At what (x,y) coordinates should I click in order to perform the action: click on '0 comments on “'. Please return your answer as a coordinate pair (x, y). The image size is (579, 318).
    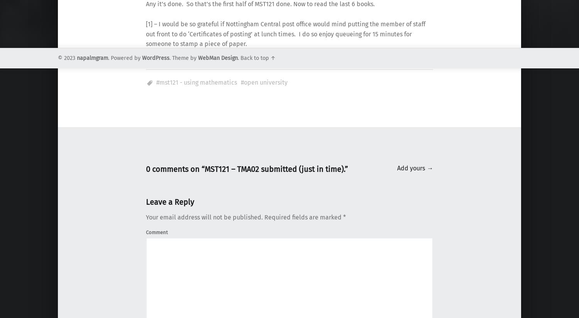
    Looking at the image, I should click on (175, 169).